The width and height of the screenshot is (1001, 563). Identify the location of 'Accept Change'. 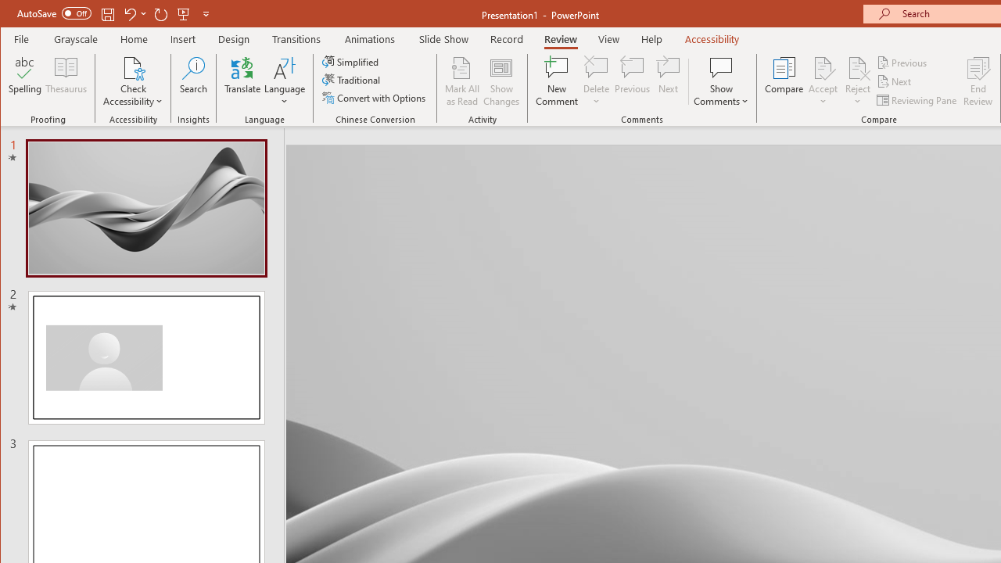
(822, 66).